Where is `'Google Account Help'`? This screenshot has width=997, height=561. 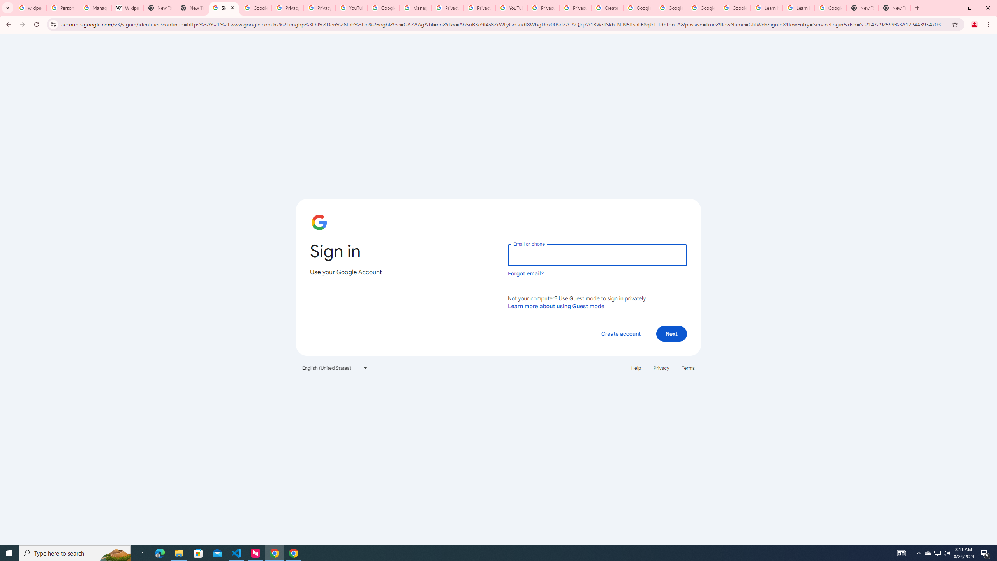 'Google Account Help' is located at coordinates (671, 7).